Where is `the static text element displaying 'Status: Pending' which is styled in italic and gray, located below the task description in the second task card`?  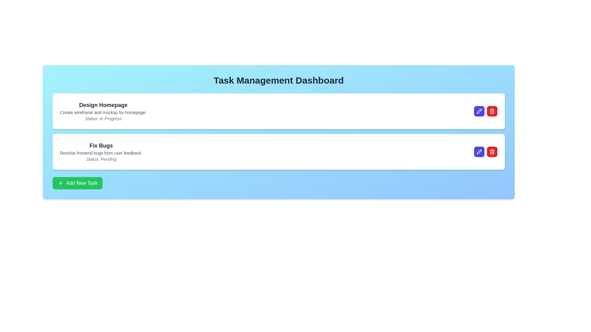
the static text element displaying 'Status: Pending' which is styled in italic and gray, located below the task description in the second task card is located at coordinates (101, 159).